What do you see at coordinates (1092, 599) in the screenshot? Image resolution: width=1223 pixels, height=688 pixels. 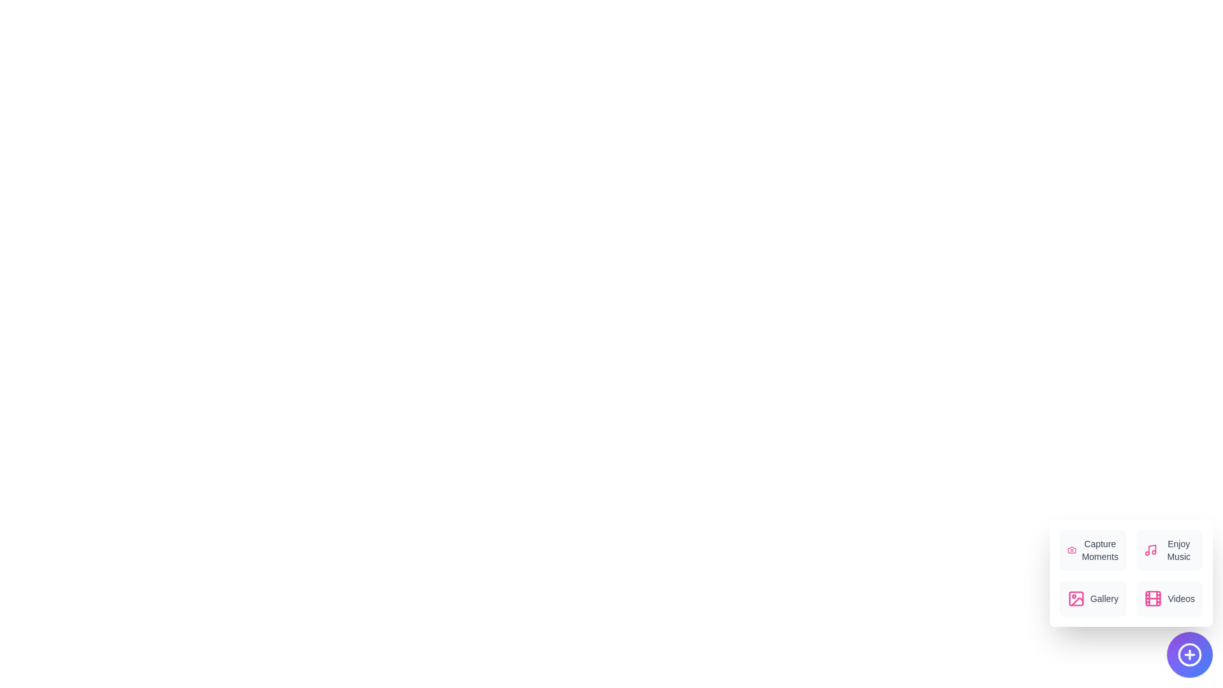 I see `the menu item labeled 'Gallery' to observe its hover effect` at bounding box center [1092, 599].